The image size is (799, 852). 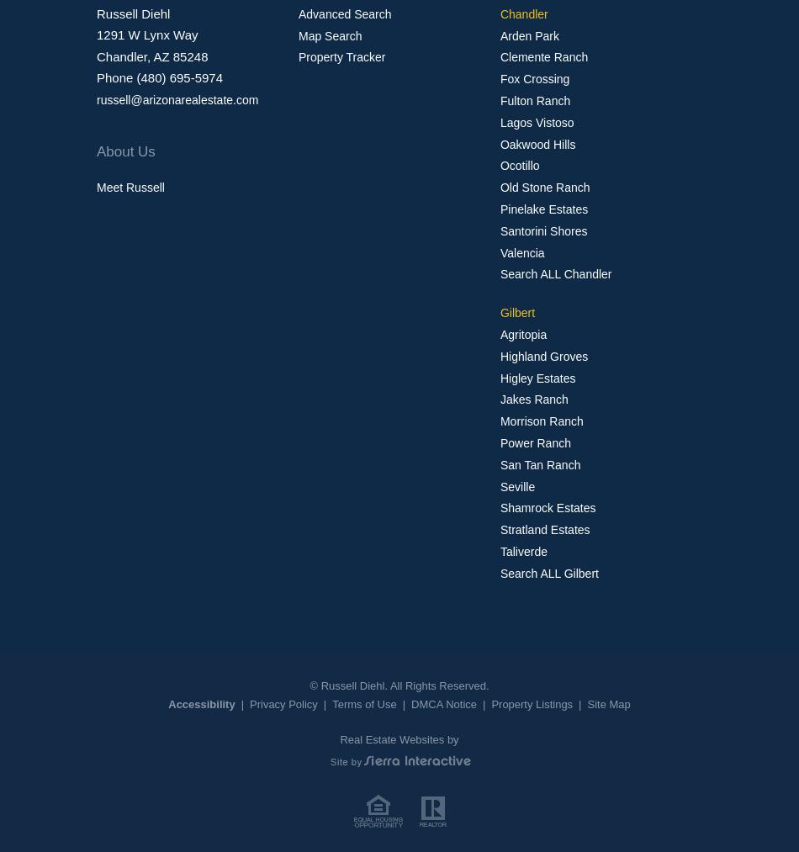 What do you see at coordinates (522, 333) in the screenshot?
I see `'Agritopia'` at bounding box center [522, 333].